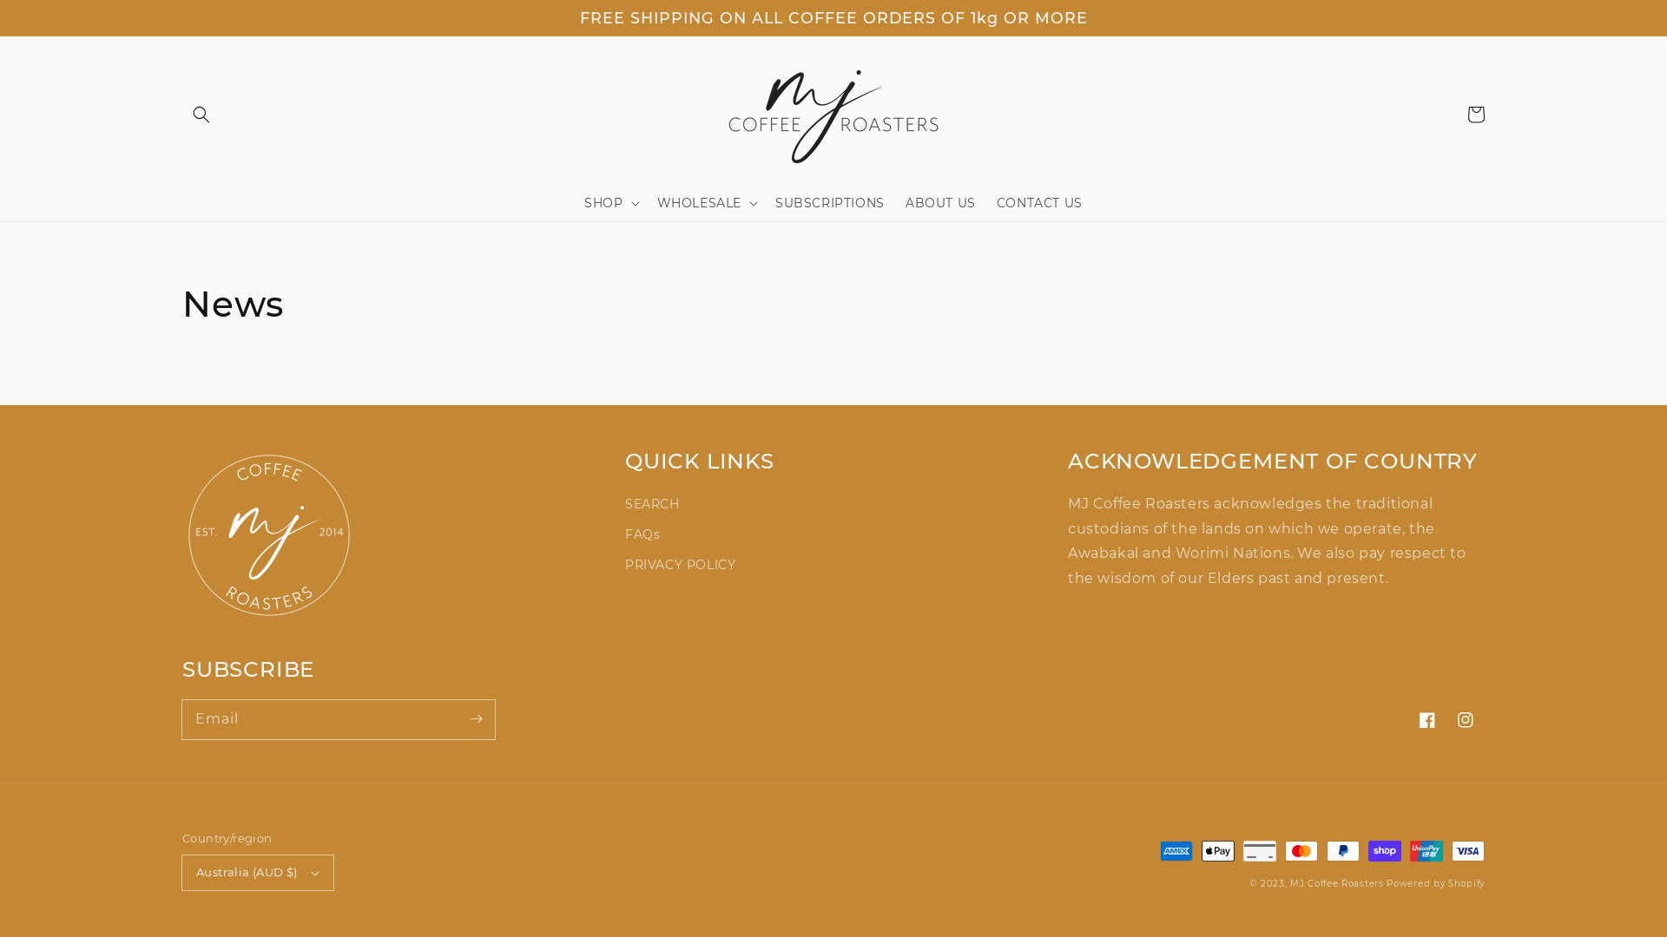  What do you see at coordinates (1435, 883) in the screenshot?
I see `'Powered by Shopify'` at bounding box center [1435, 883].